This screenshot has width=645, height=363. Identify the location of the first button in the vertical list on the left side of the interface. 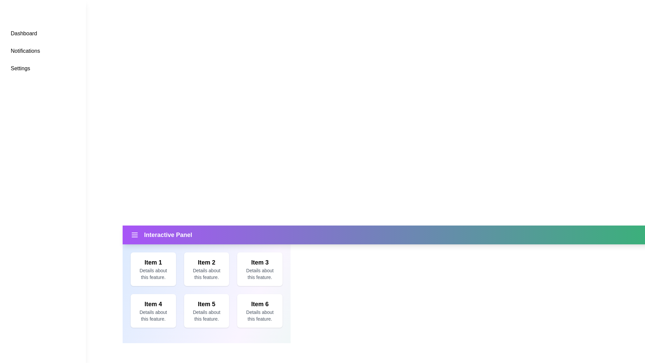
(43, 34).